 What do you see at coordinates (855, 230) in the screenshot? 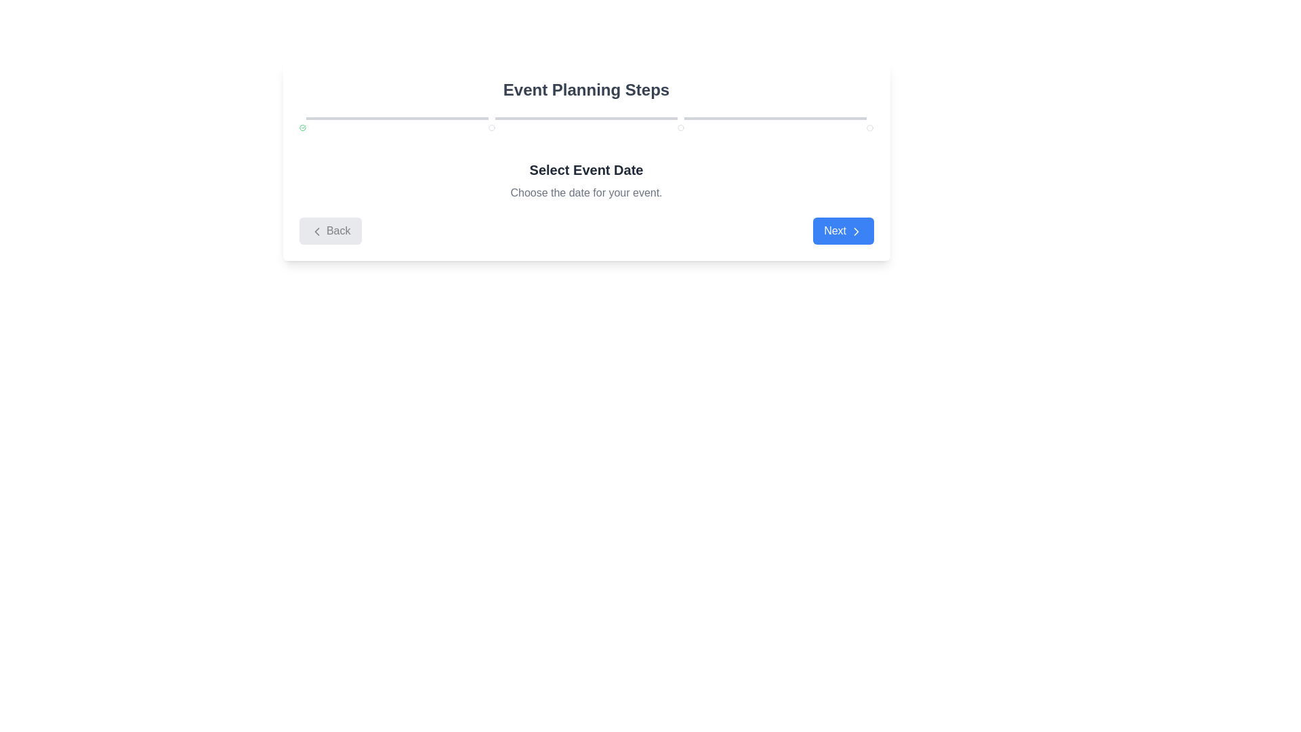
I see `the Chevron Arrow icon located within the 'Next' button at the bottom right of the interface, which serves as a navigation control to advance to the next step` at bounding box center [855, 230].